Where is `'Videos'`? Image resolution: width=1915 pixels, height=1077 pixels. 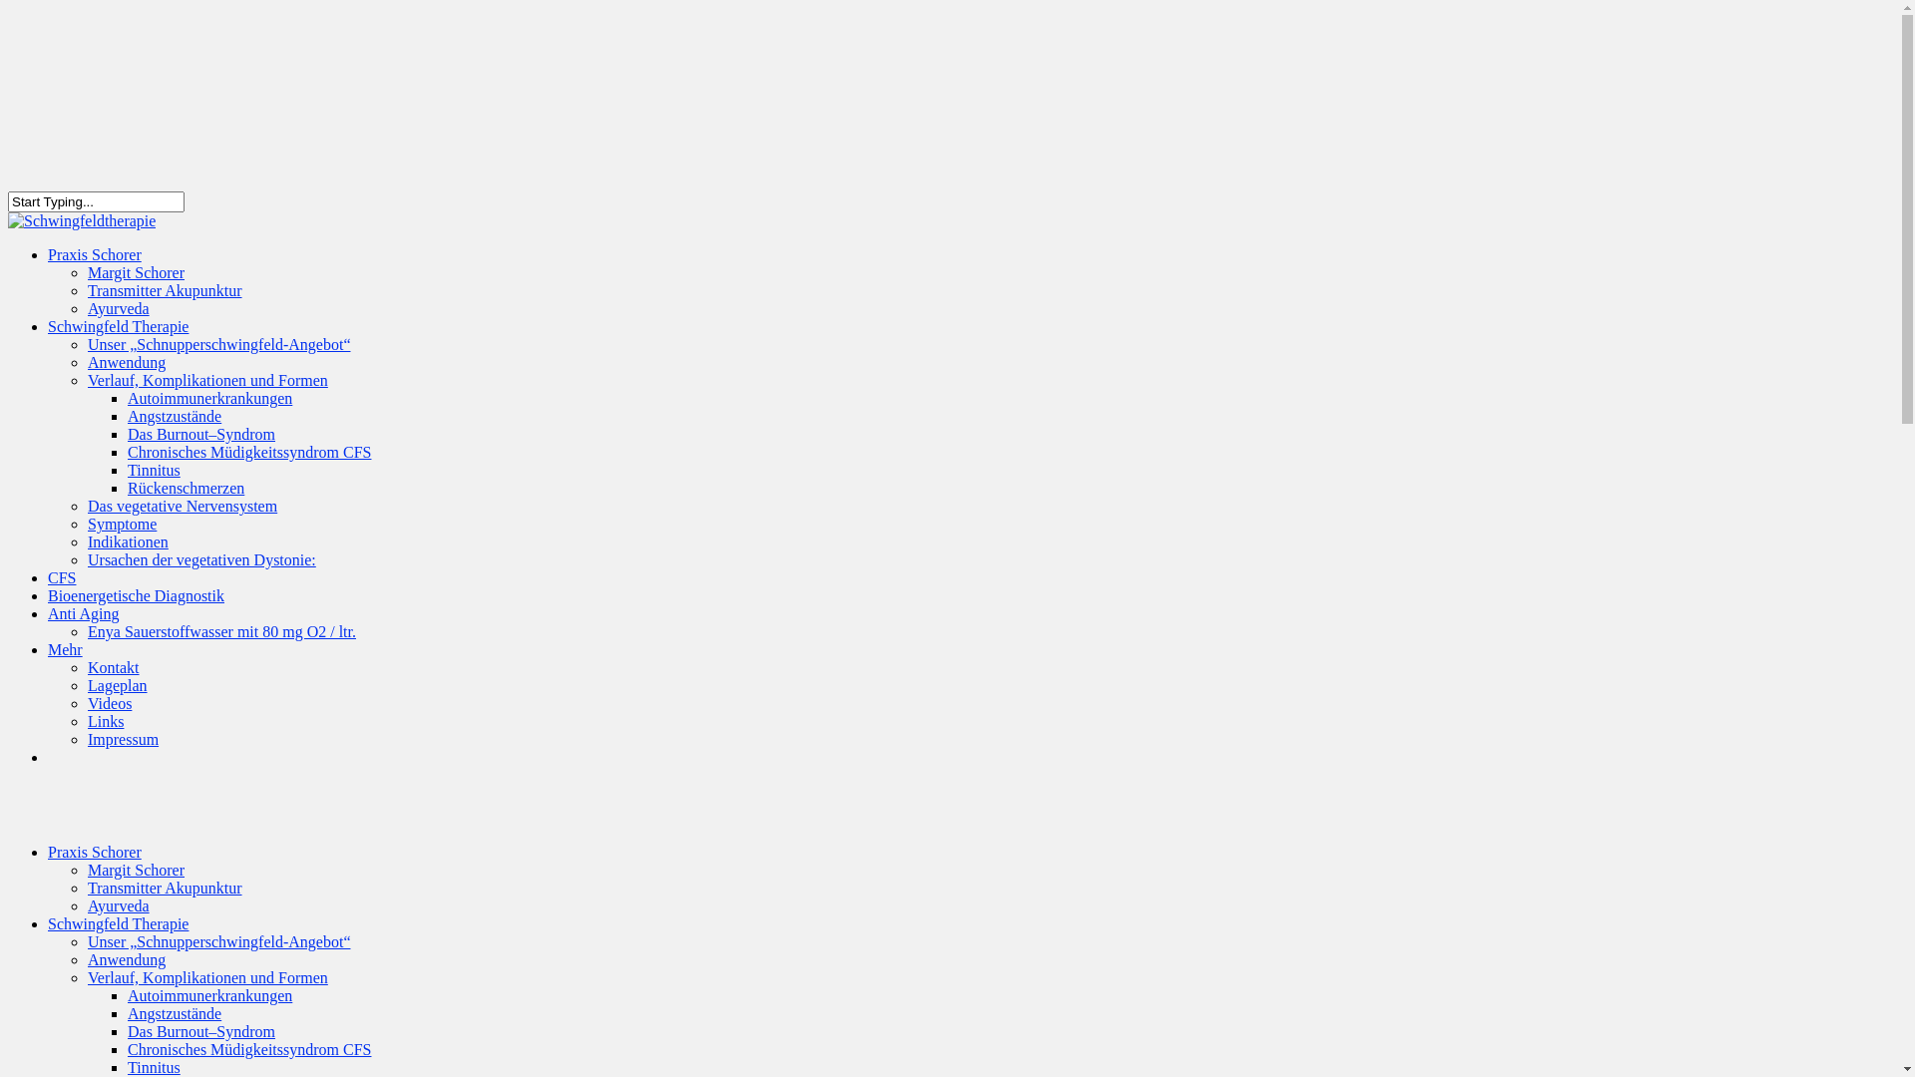
'Videos' is located at coordinates (109, 702).